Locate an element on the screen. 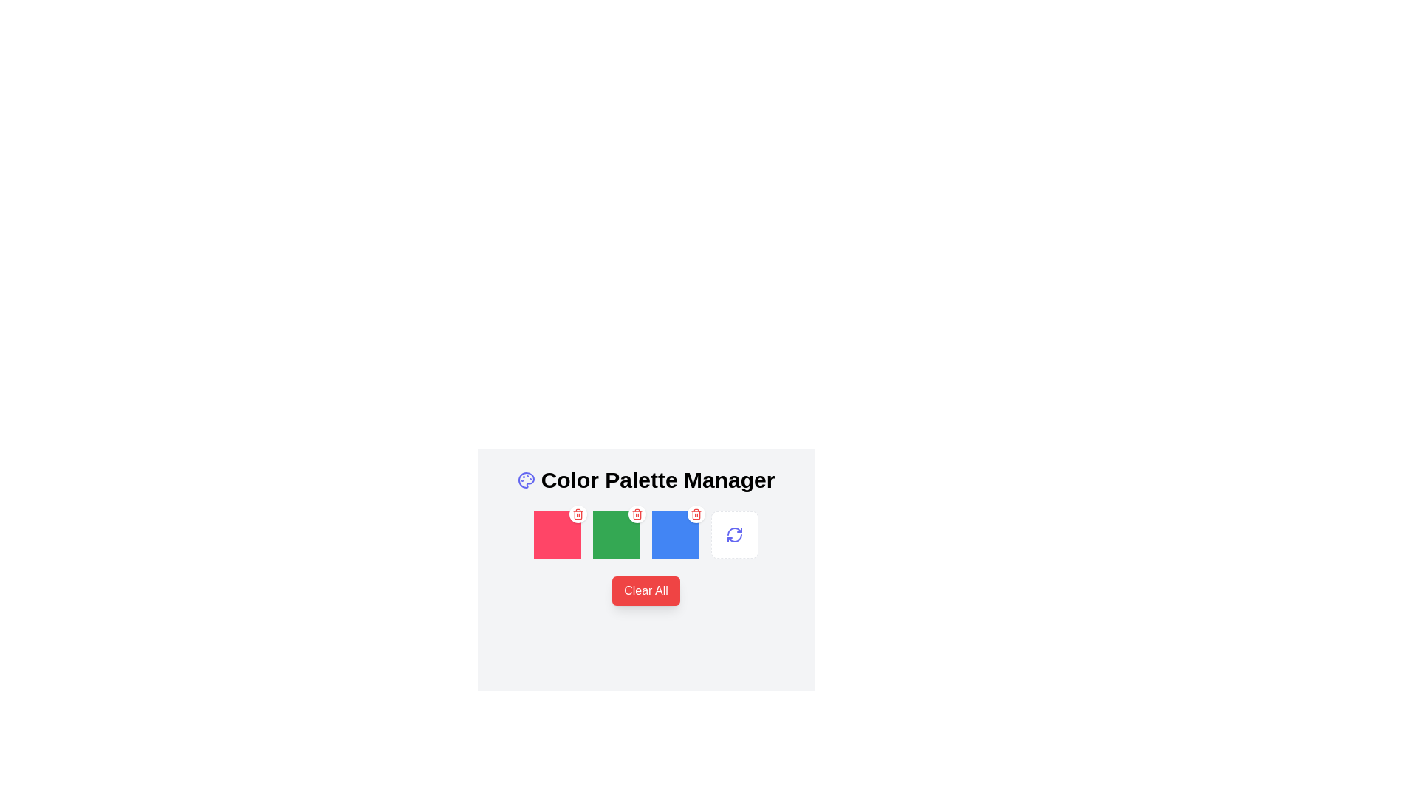 The image size is (1418, 797). the trash can icon button, which is styled in red and signifies a delete action is located at coordinates (637, 514).